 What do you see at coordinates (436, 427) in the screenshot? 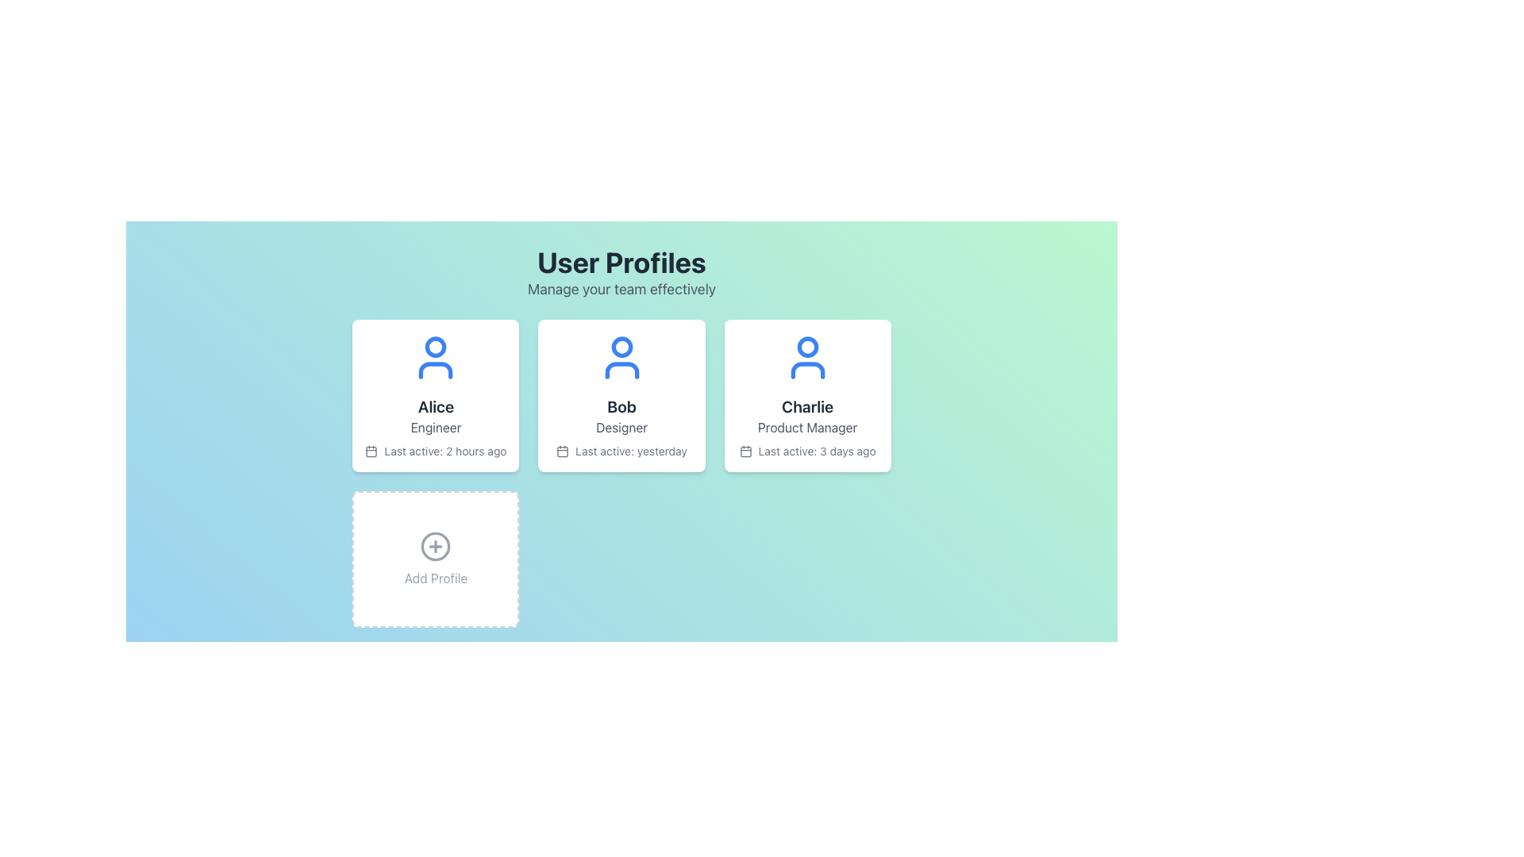
I see `the text label displaying 'Engineer' located below the user's name 'Alice' in the user details card` at bounding box center [436, 427].